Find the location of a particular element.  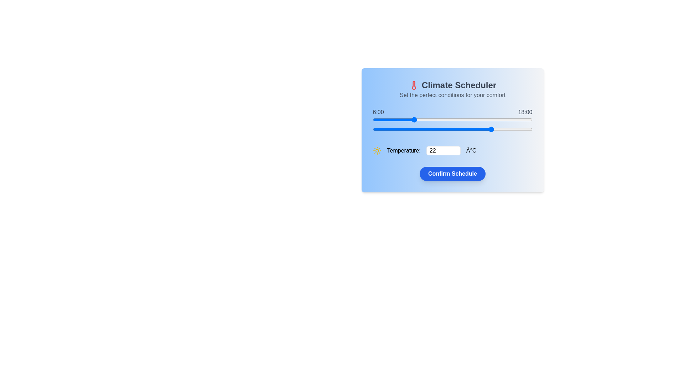

the prominently styled textual header 'Climate Scheduler' with a red thermometer icon to its left is located at coordinates (452, 85).